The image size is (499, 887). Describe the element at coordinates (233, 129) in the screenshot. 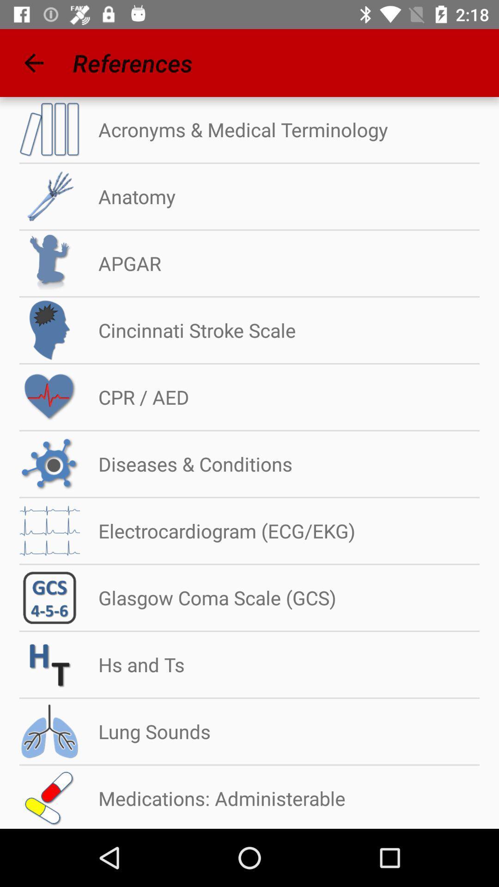

I see `the item below the references icon` at that location.